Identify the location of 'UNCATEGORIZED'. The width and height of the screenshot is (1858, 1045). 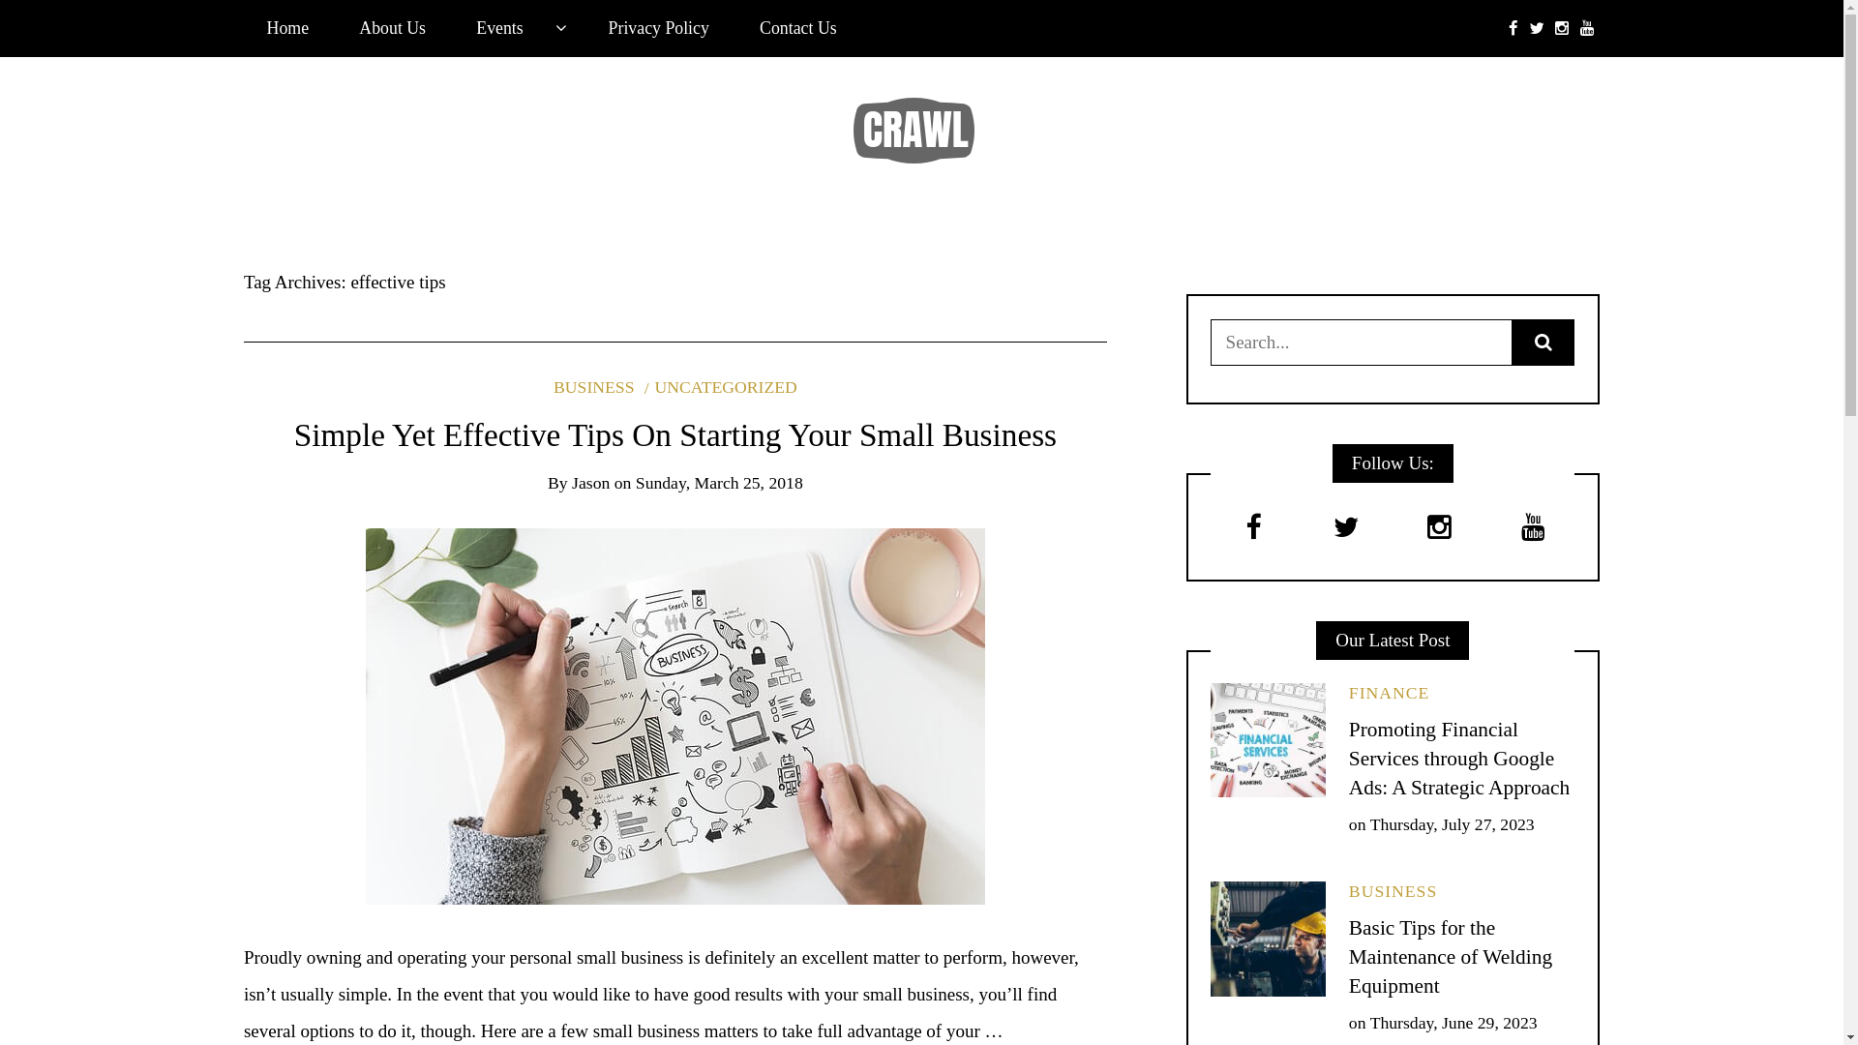
(719, 387).